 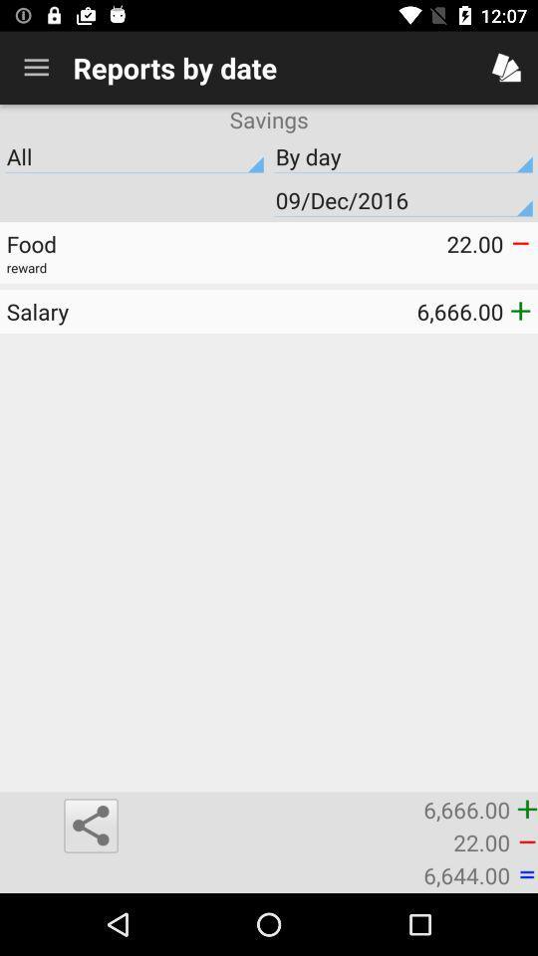 I want to click on item next to the by day, so click(x=134, y=155).